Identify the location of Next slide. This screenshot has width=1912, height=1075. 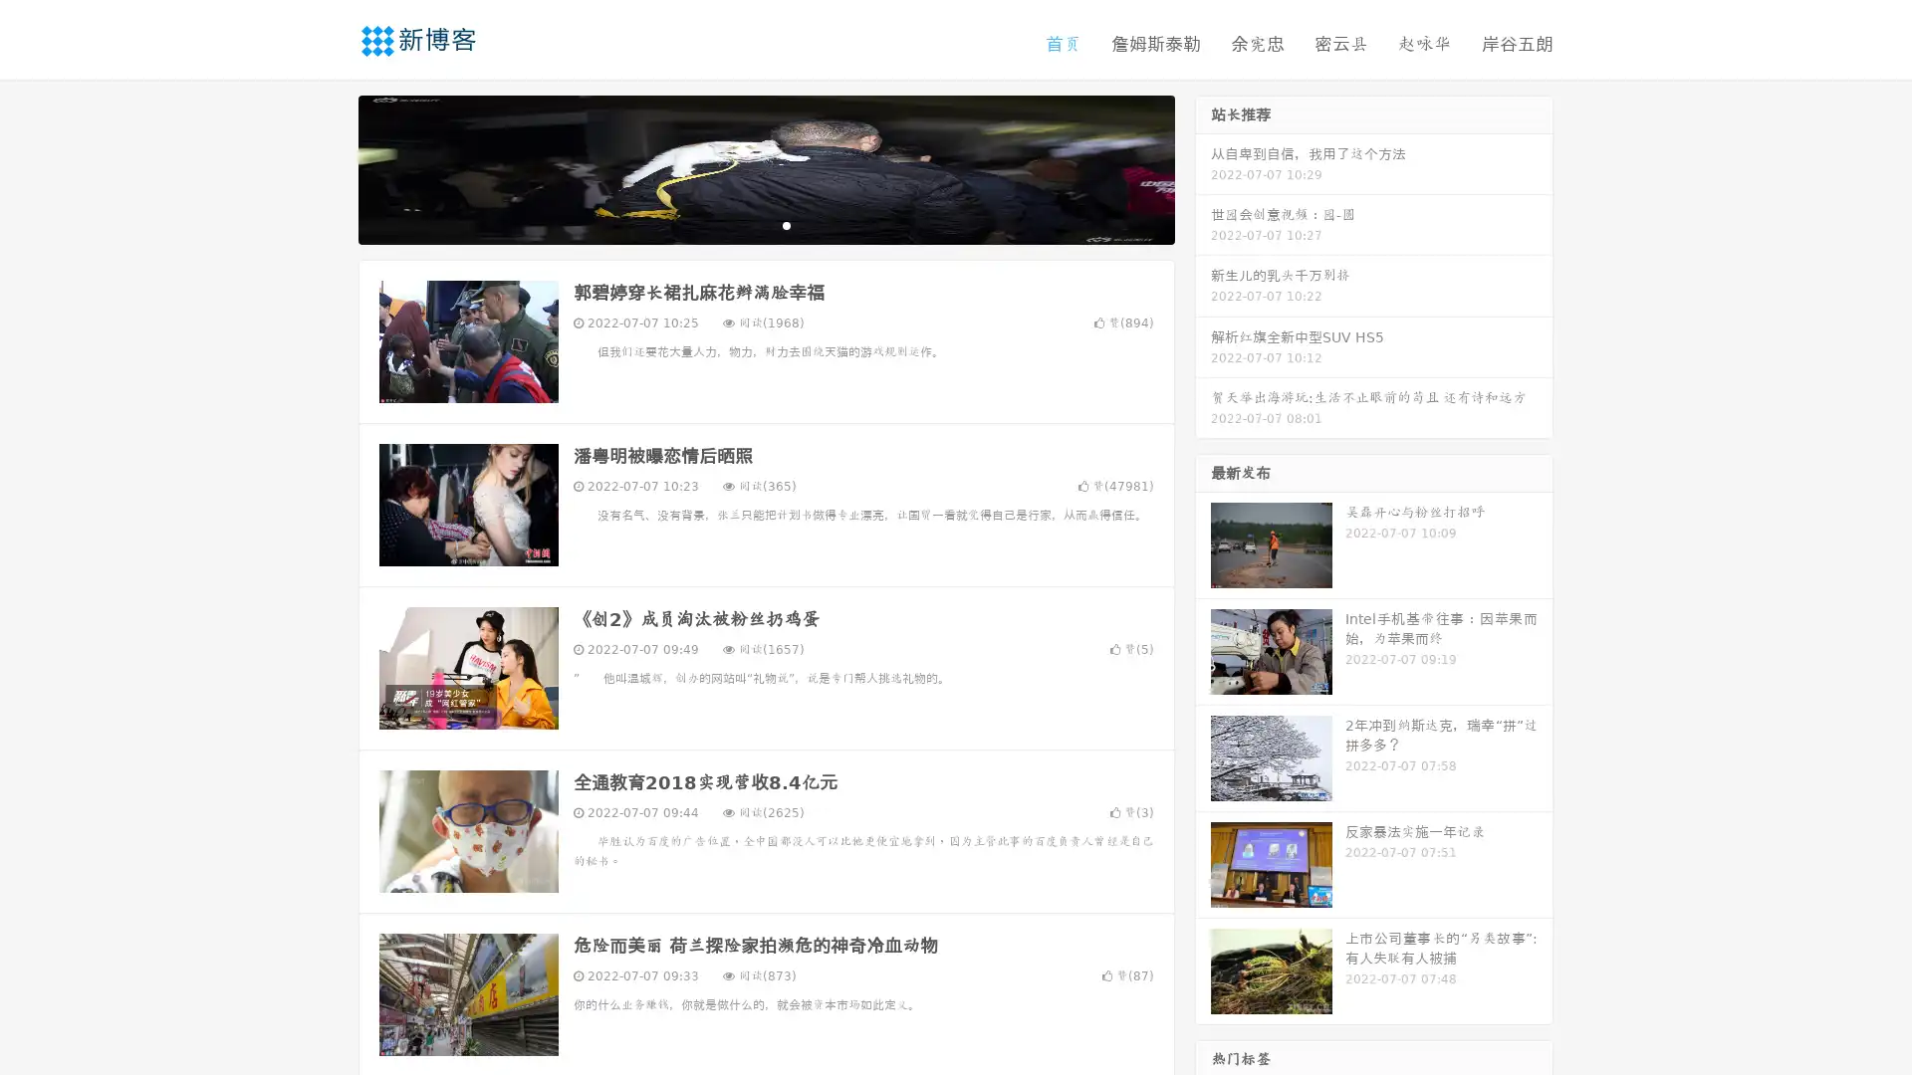
(1203, 167).